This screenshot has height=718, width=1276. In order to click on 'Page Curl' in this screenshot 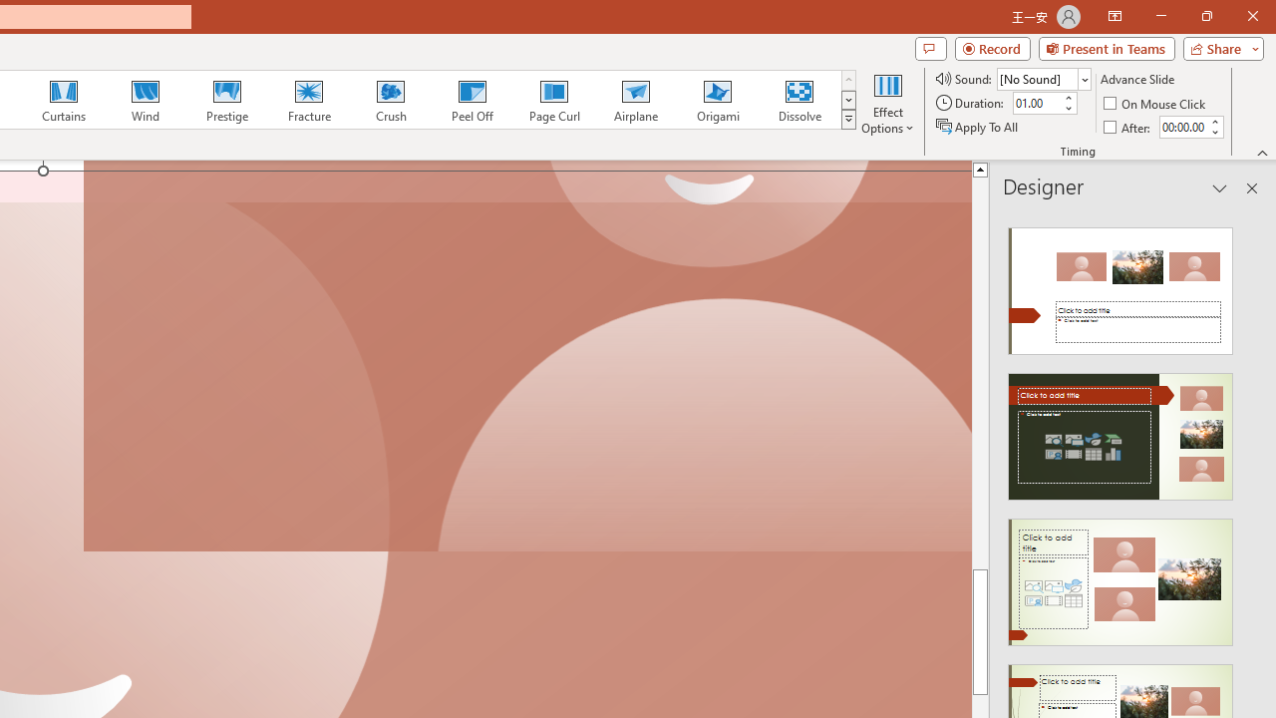, I will do `click(553, 100)`.